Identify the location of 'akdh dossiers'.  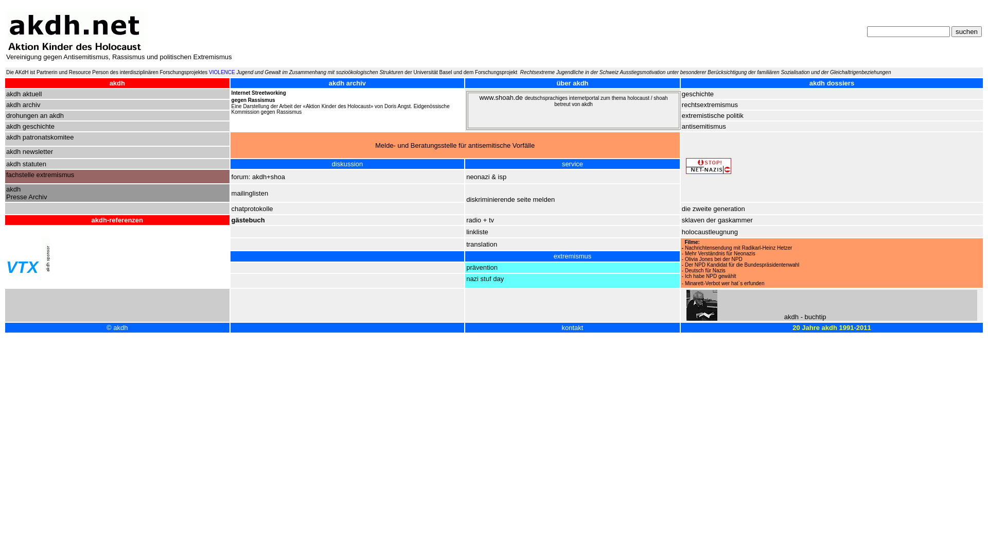
(809, 82).